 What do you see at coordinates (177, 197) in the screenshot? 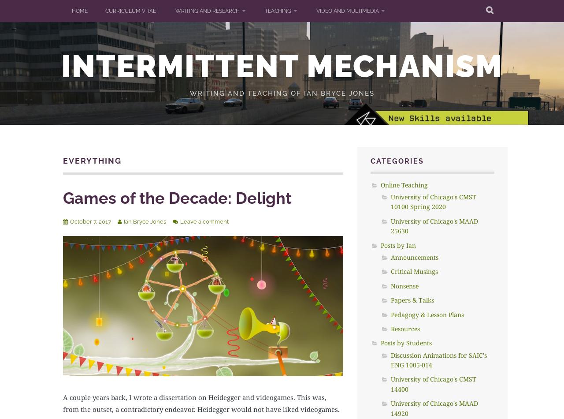
I see `'Games of the Decade: Delight'` at bounding box center [177, 197].